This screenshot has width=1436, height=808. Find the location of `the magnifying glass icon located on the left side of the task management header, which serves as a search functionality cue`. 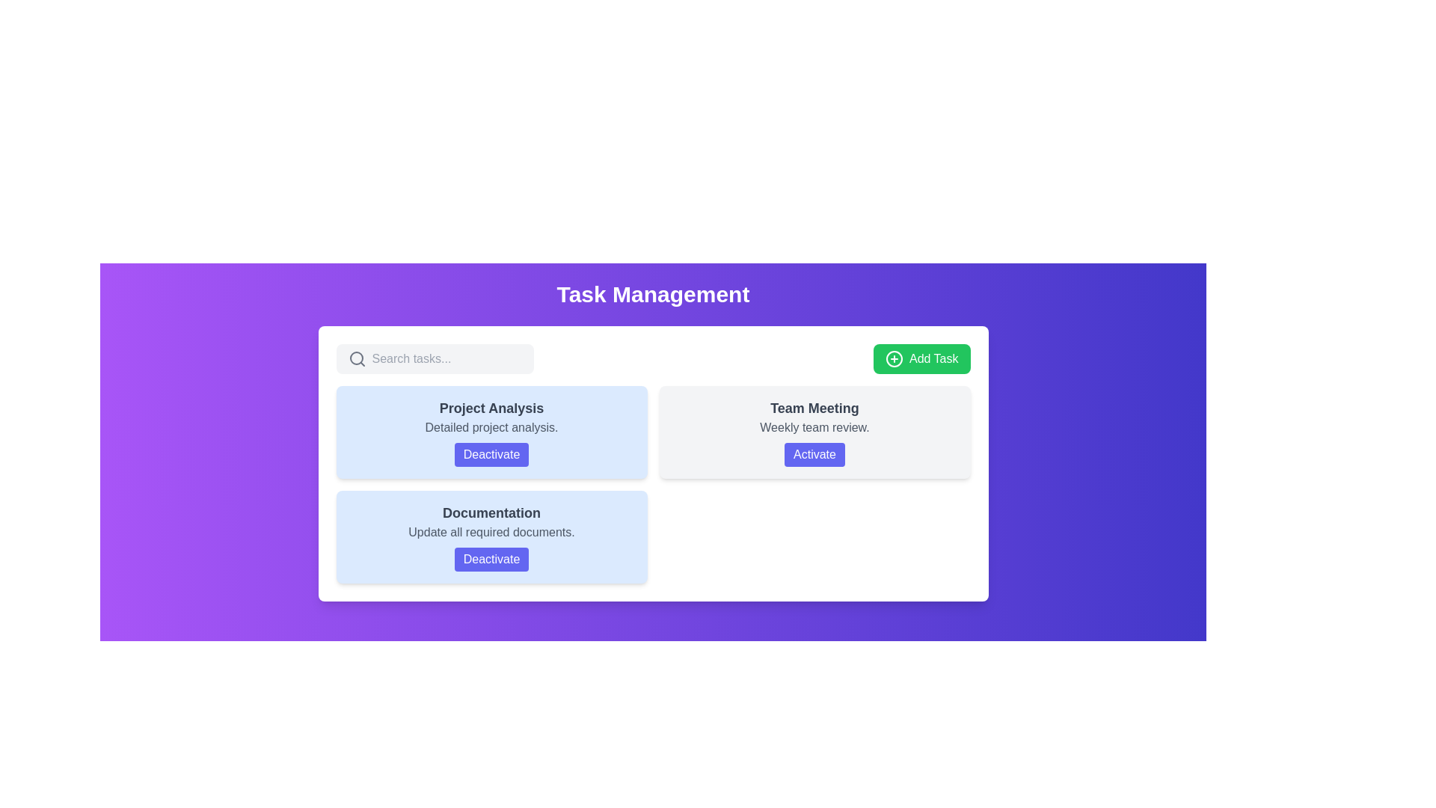

the magnifying glass icon located on the left side of the task management header, which serves as a search functionality cue is located at coordinates (355, 358).